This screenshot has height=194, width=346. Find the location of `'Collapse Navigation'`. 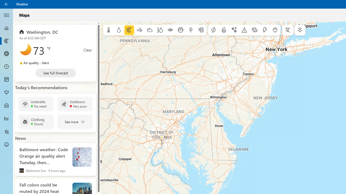

'Collapse Navigation' is located at coordinates (6, 15).